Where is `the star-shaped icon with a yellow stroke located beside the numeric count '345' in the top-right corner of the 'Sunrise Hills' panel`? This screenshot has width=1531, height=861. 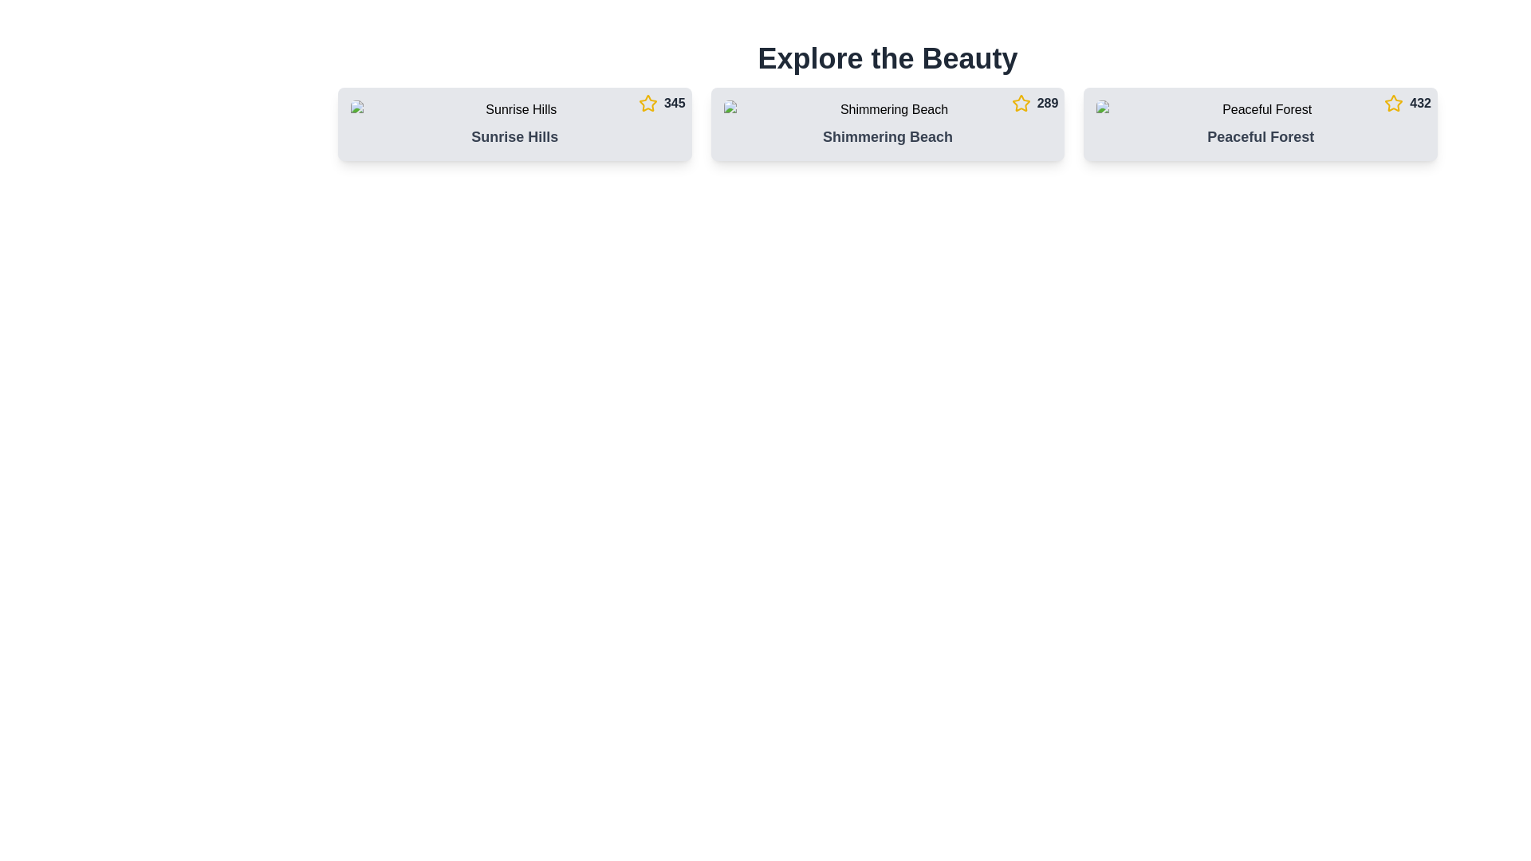
the star-shaped icon with a yellow stroke located beside the numeric count '345' in the top-right corner of the 'Sunrise Hills' panel is located at coordinates (647, 104).